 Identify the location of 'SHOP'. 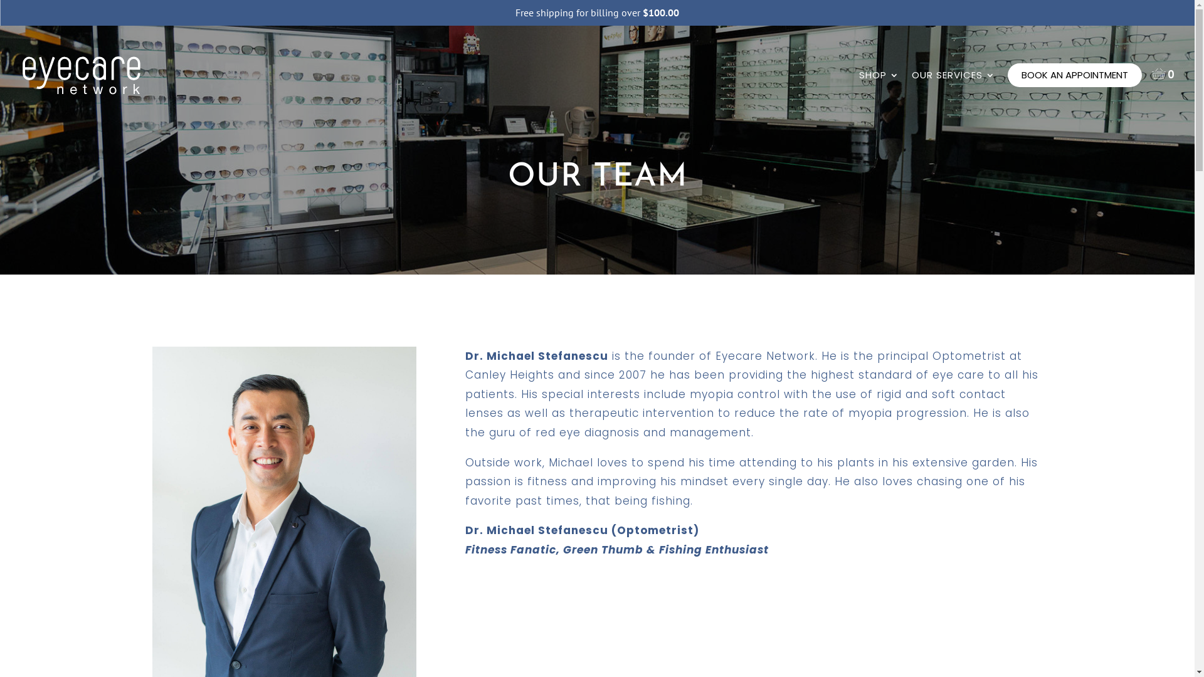
(878, 88).